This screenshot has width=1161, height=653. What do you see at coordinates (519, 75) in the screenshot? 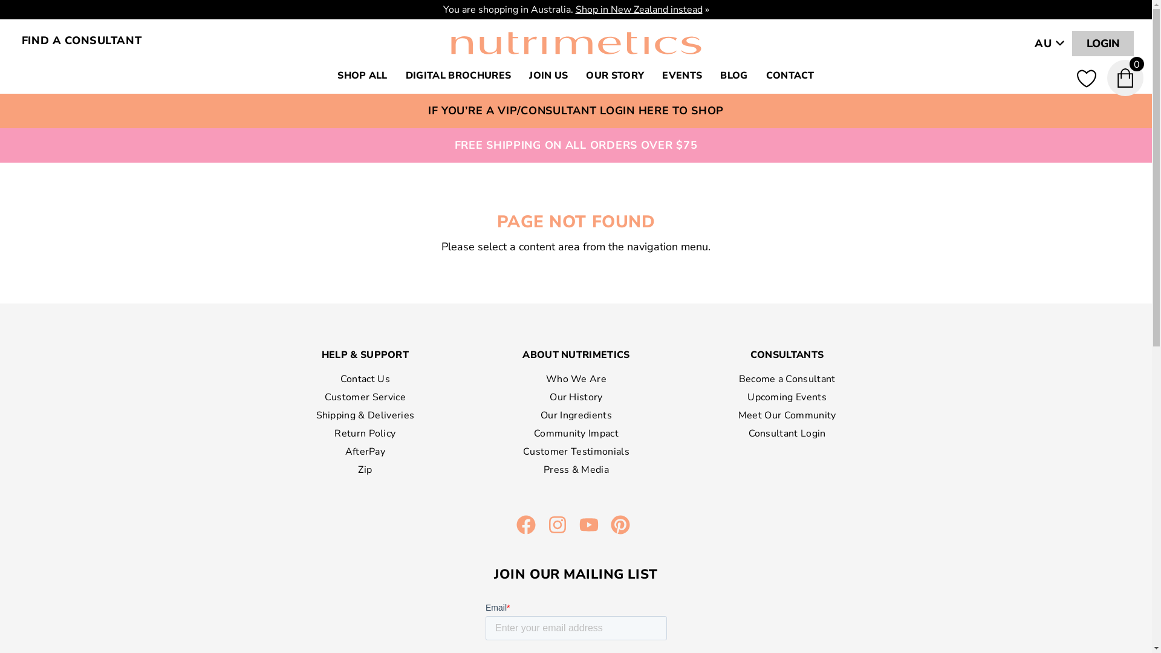
I see `'JOIN US'` at bounding box center [519, 75].